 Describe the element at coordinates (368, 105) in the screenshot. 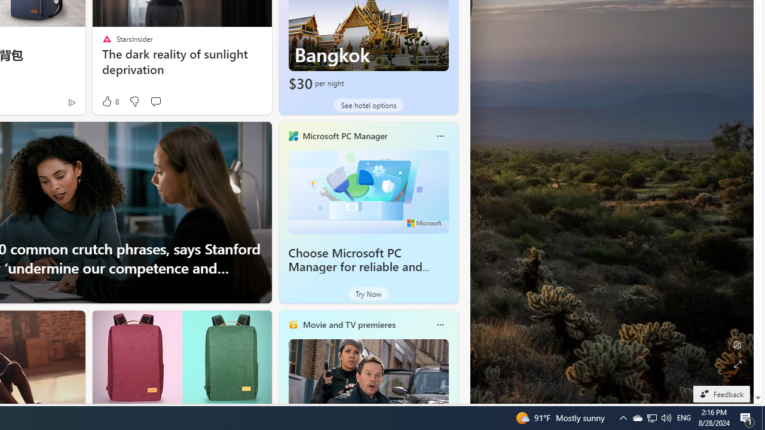

I see `'See hotel options'` at that location.